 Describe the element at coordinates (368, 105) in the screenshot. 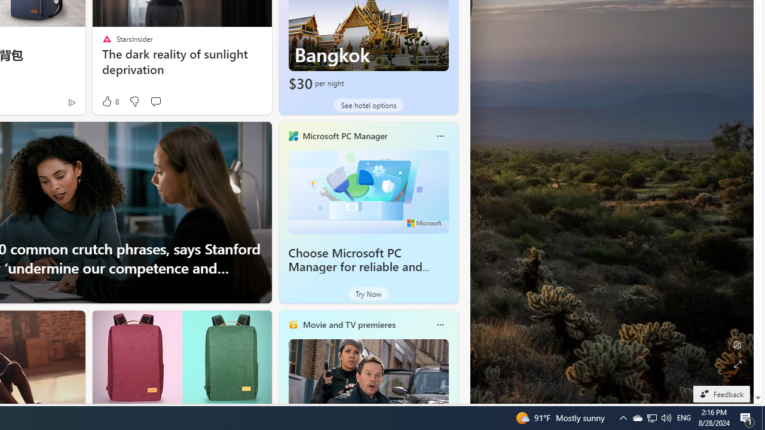

I see `'See hotel options'` at that location.